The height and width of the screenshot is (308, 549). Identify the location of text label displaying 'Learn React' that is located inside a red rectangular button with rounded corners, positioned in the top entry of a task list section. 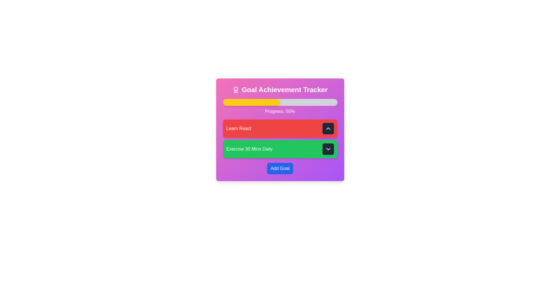
(239, 129).